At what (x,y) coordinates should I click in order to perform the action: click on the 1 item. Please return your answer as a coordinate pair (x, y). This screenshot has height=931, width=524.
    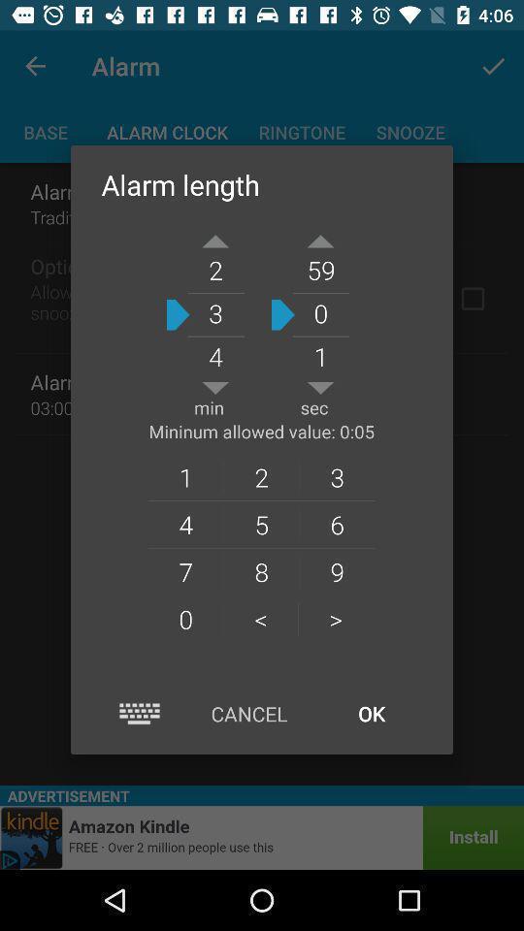
    Looking at the image, I should click on (185, 476).